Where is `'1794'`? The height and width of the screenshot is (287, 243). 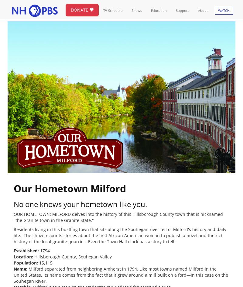 '1794' is located at coordinates (44, 250).